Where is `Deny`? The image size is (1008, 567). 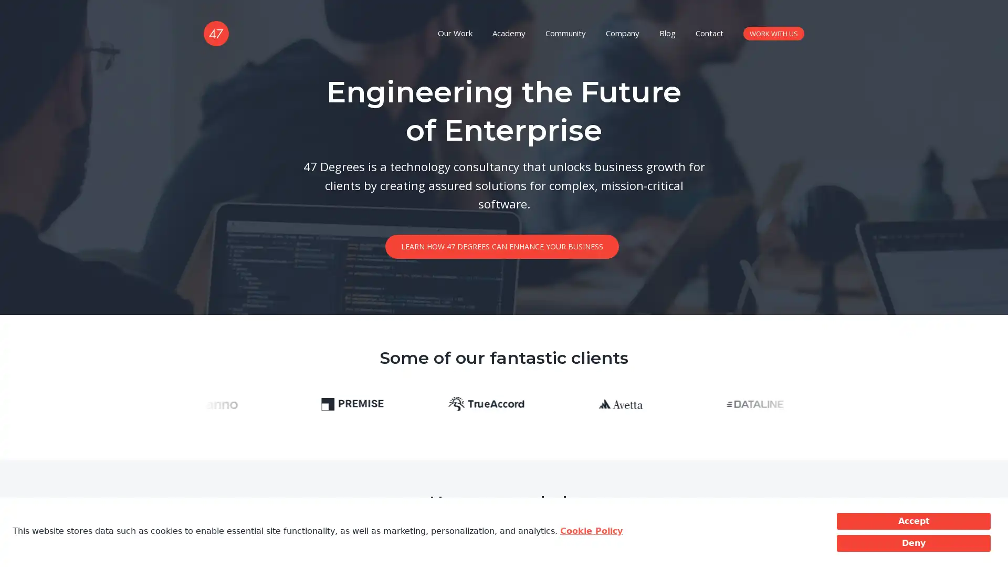 Deny is located at coordinates (913, 543).